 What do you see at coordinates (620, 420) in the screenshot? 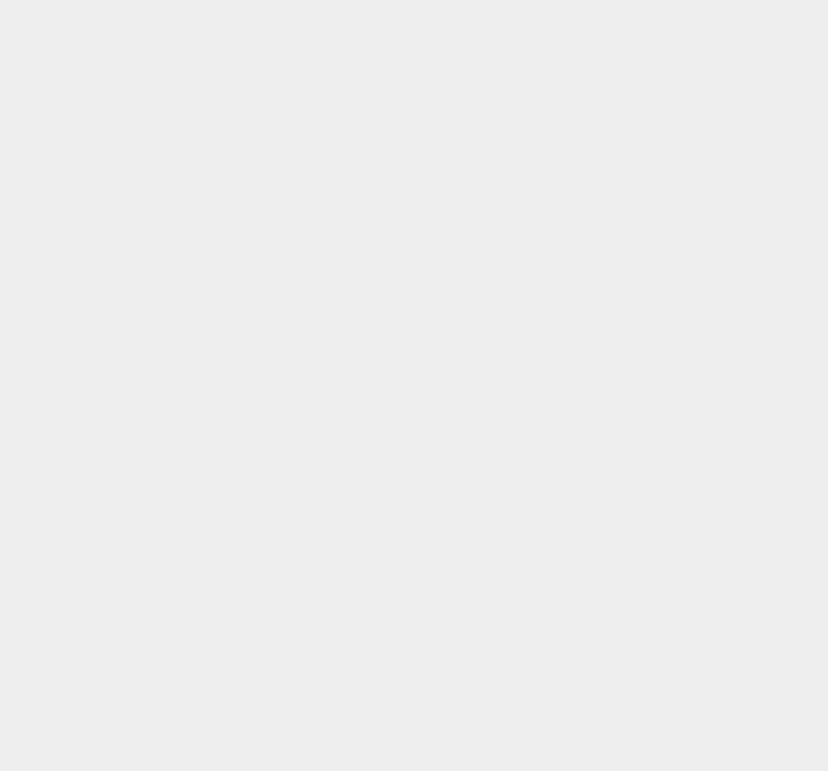
I see `'Microsoft Office'` at bounding box center [620, 420].